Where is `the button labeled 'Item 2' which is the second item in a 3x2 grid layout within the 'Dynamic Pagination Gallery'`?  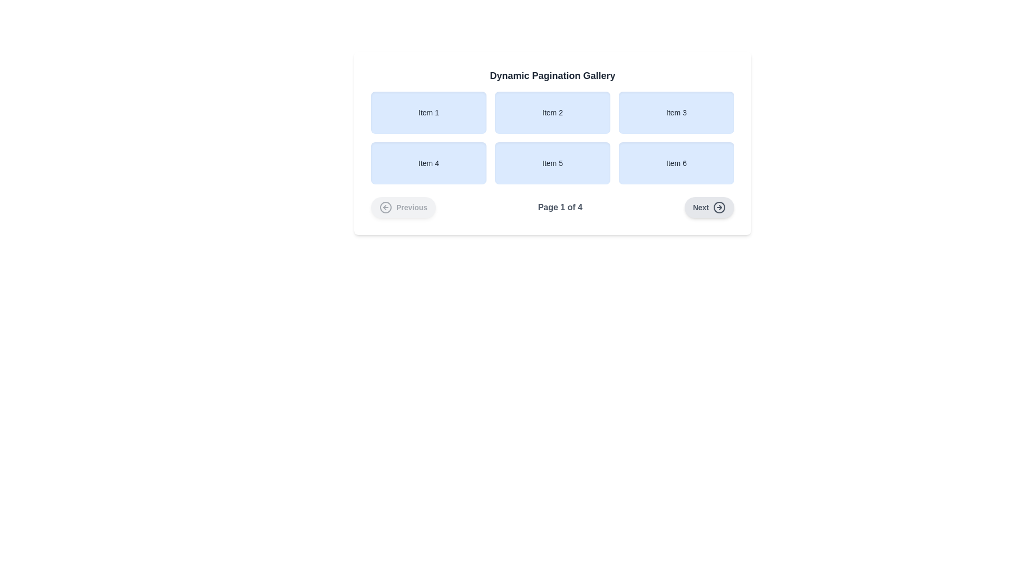
the button labeled 'Item 2' which is the second item in a 3x2 grid layout within the 'Dynamic Pagination Gallery' is located at coordinates (552, 112).